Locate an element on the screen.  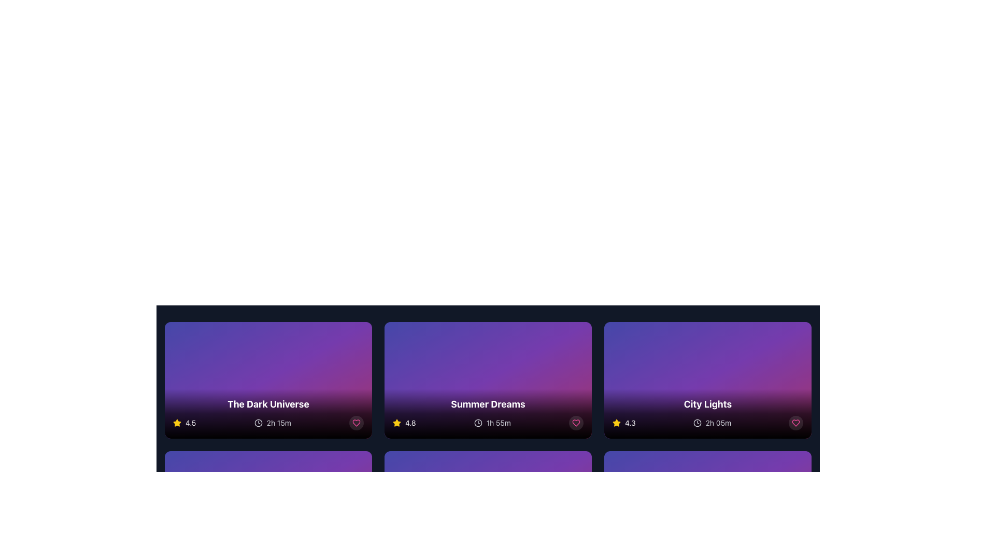
the Informational display bar located at the bottom of the card titled 'The Dark Universe', which contains a yellow star with '4.5' and a clock icon with '2h 15m' is located at coordinates (268, 423).